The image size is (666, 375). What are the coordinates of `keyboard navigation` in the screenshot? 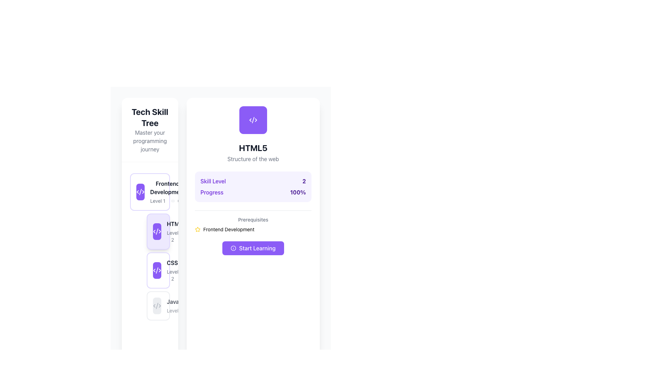 It's located at (150, 192).